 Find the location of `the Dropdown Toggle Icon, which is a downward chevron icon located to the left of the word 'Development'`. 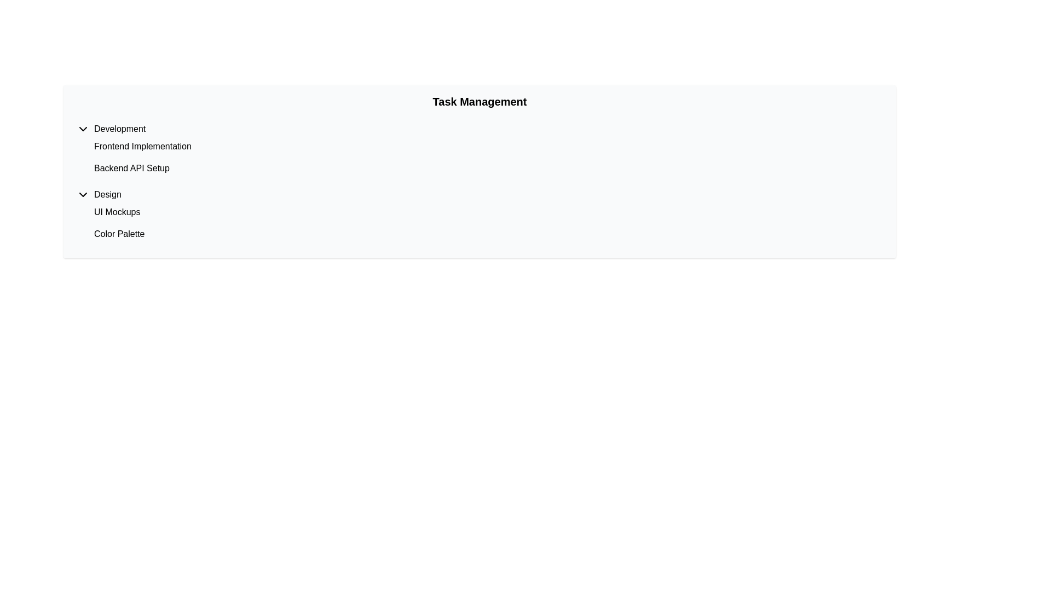

the Dropdown Toggle Icon, which is a downward chevron icon located to the left of the word 'Development' is located at coordinates (83, 128).